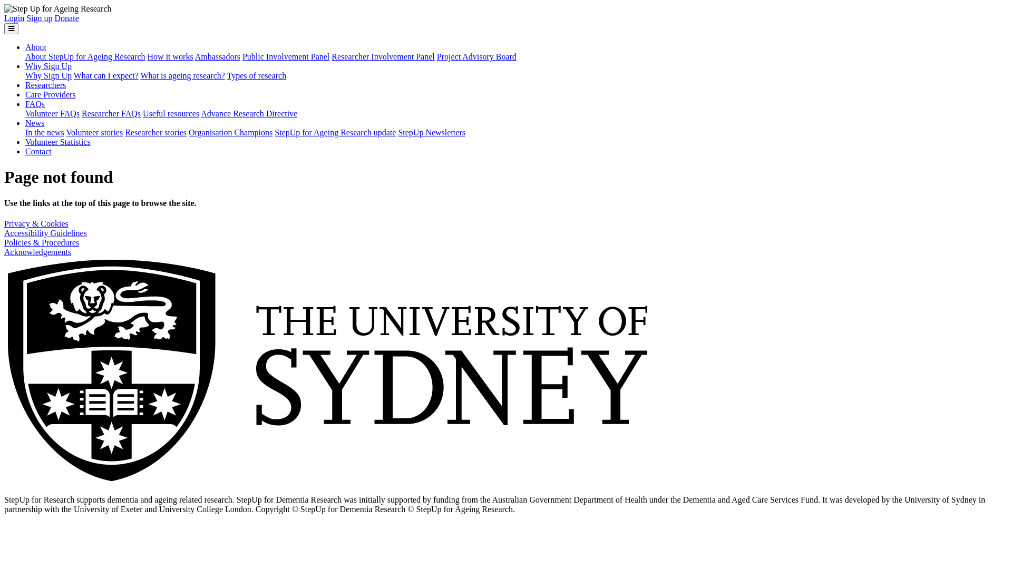 This screenshot has height=569, width=1012. Describe the element at coordinates (171, 113) in the screenshot. I see `'Useful resources'` at that location.